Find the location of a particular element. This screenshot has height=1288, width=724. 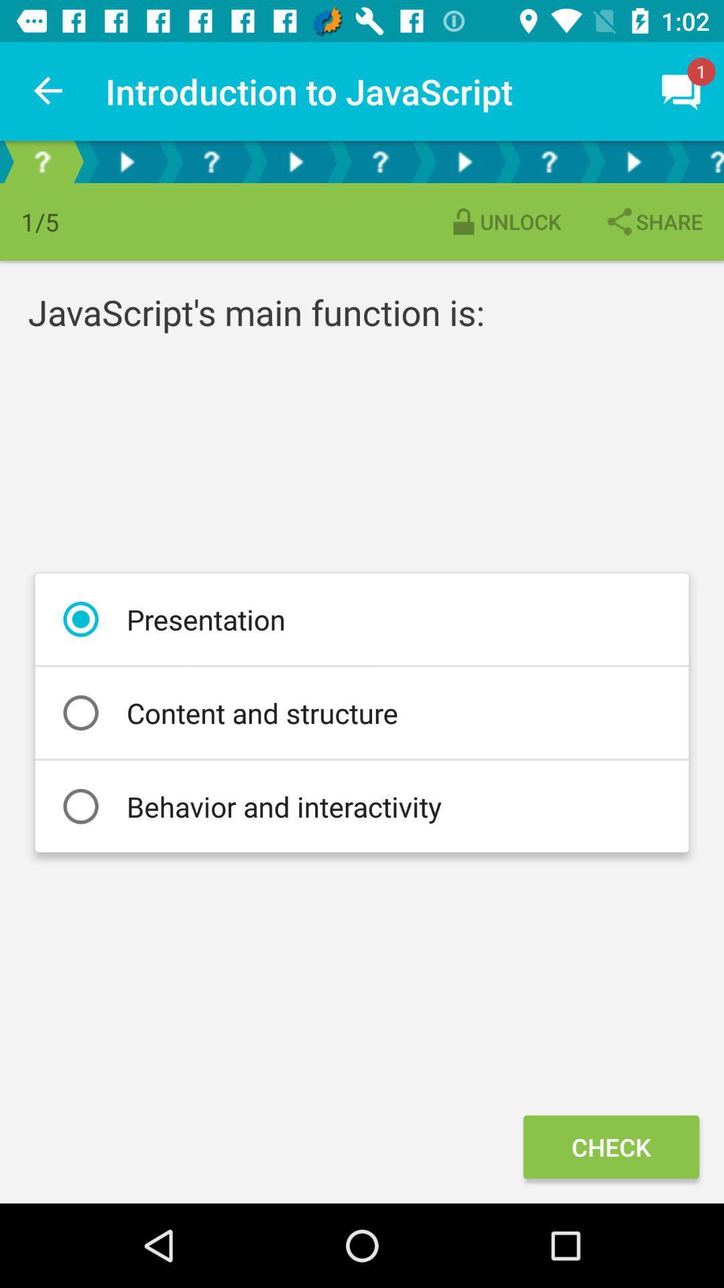

next question is located at coordinates (380, 161).